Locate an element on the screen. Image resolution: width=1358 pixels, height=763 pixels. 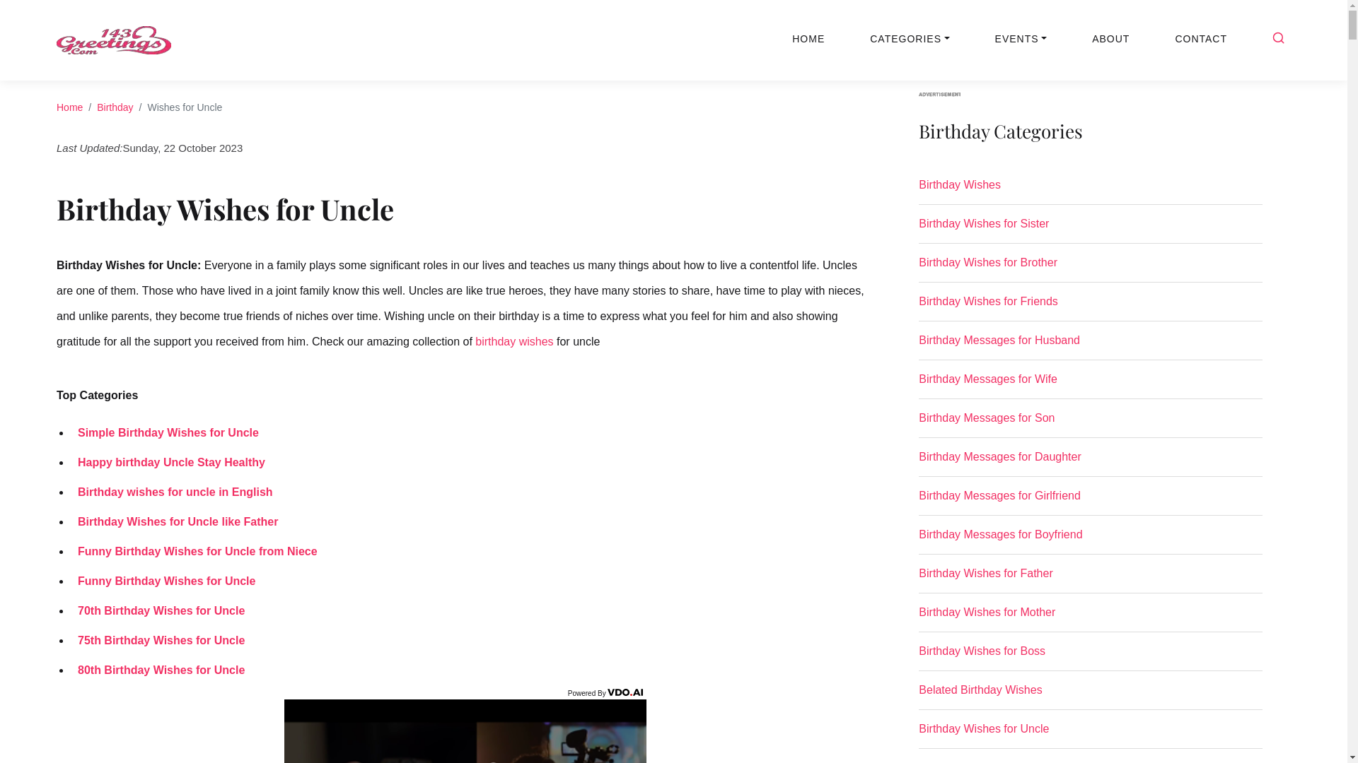
'Birthday Messages for Wife' is located at coordinates (1089, 384).